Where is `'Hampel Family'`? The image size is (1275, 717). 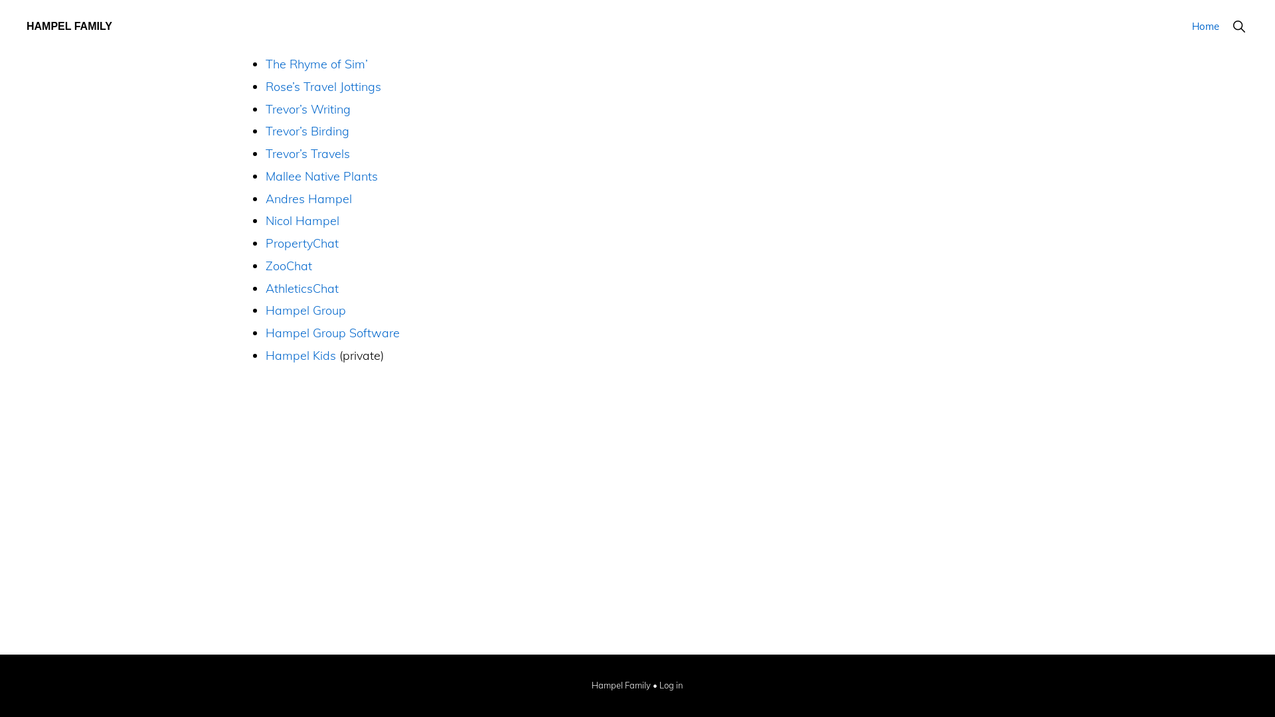
'Hampel Family' is located at coordinates (620, 686).